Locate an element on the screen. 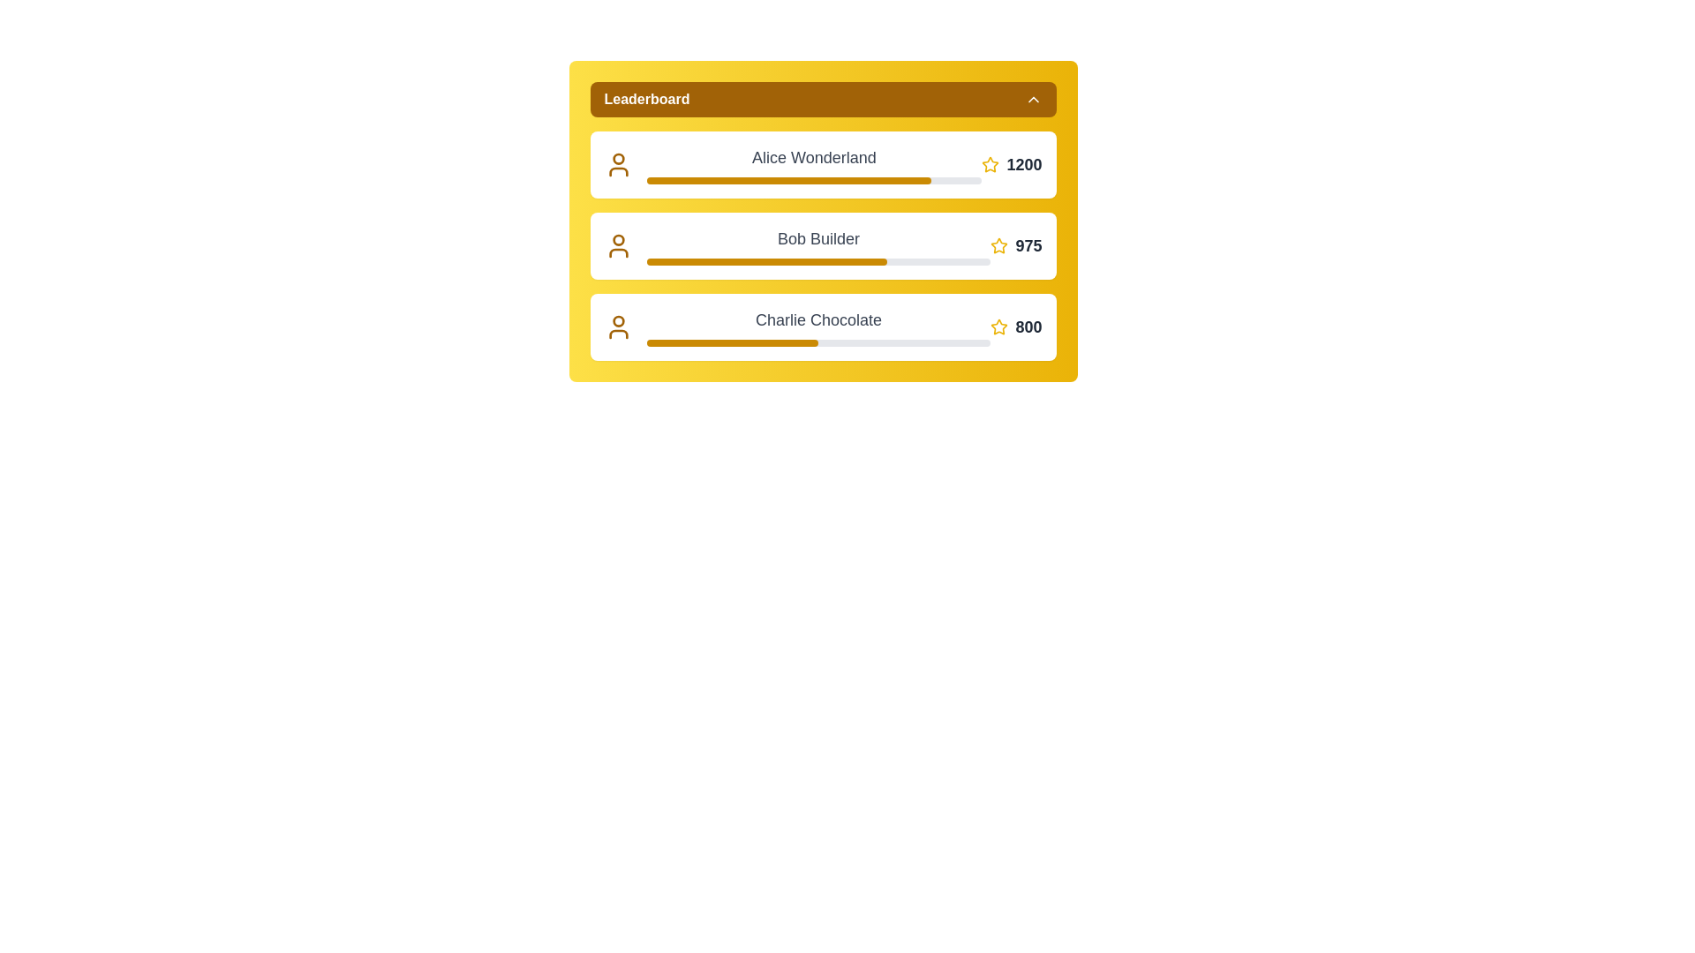 Image resolution: width=1695 pixels, height=953 pixels. the leaderboard entry displaying the rank and score of the user 'Bob Builder', which is the second item in the leaderboard section is located at coordinates (822, 220).